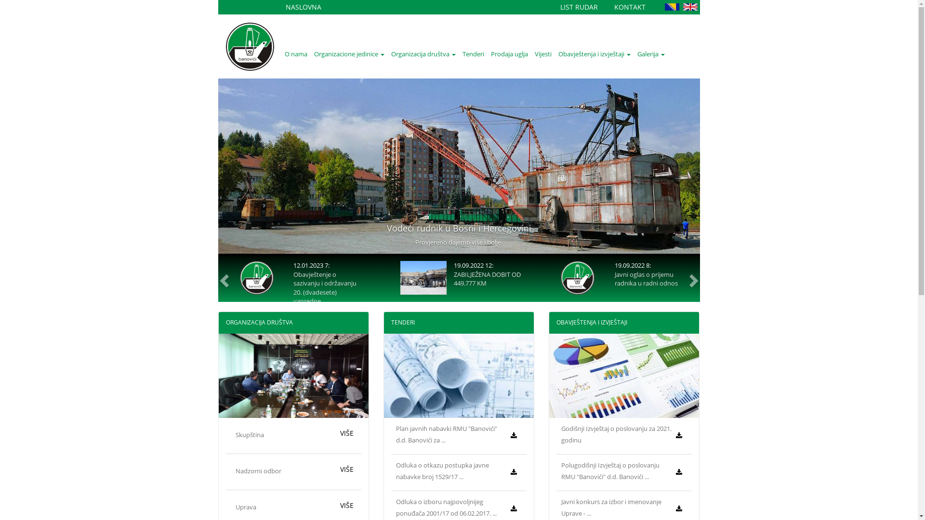 This screenshot has height=520, width=925. I want to click on 'Organizacione jedinice', so click(348, 53).